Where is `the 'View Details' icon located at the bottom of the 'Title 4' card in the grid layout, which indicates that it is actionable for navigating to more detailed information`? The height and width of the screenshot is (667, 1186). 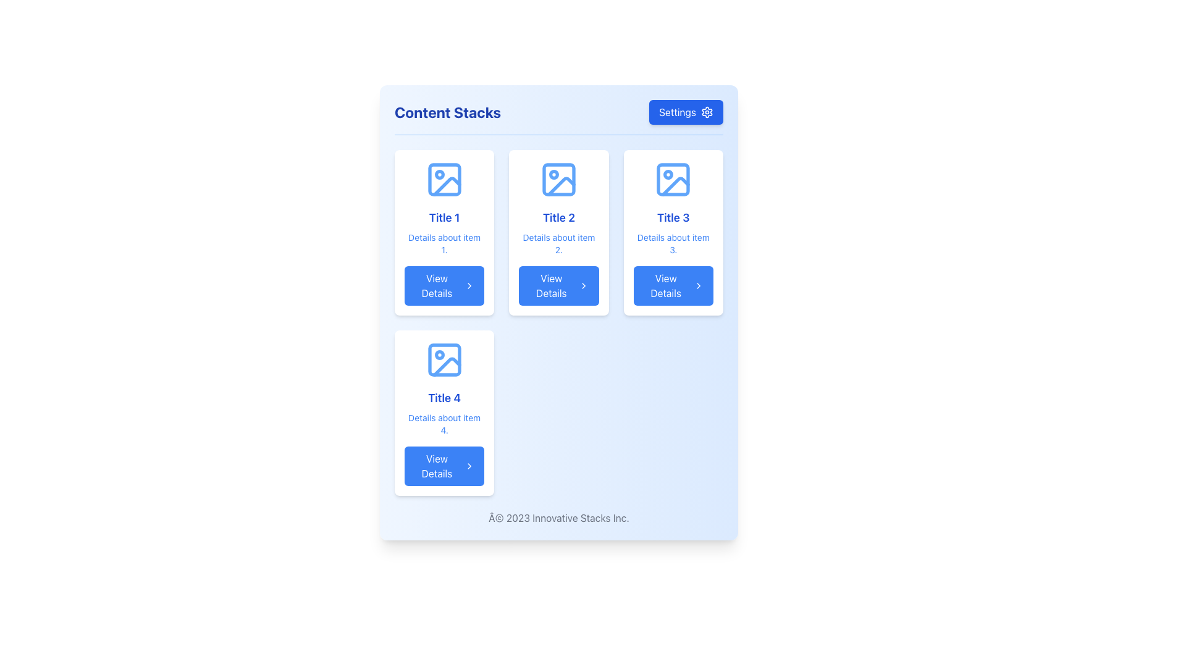
the 'View Details' icon located at the bottom of the 'Title 4' card in the grid layout, which indicates that it is actionable for navigating to more detailed information is located at coordinates (469, 466).